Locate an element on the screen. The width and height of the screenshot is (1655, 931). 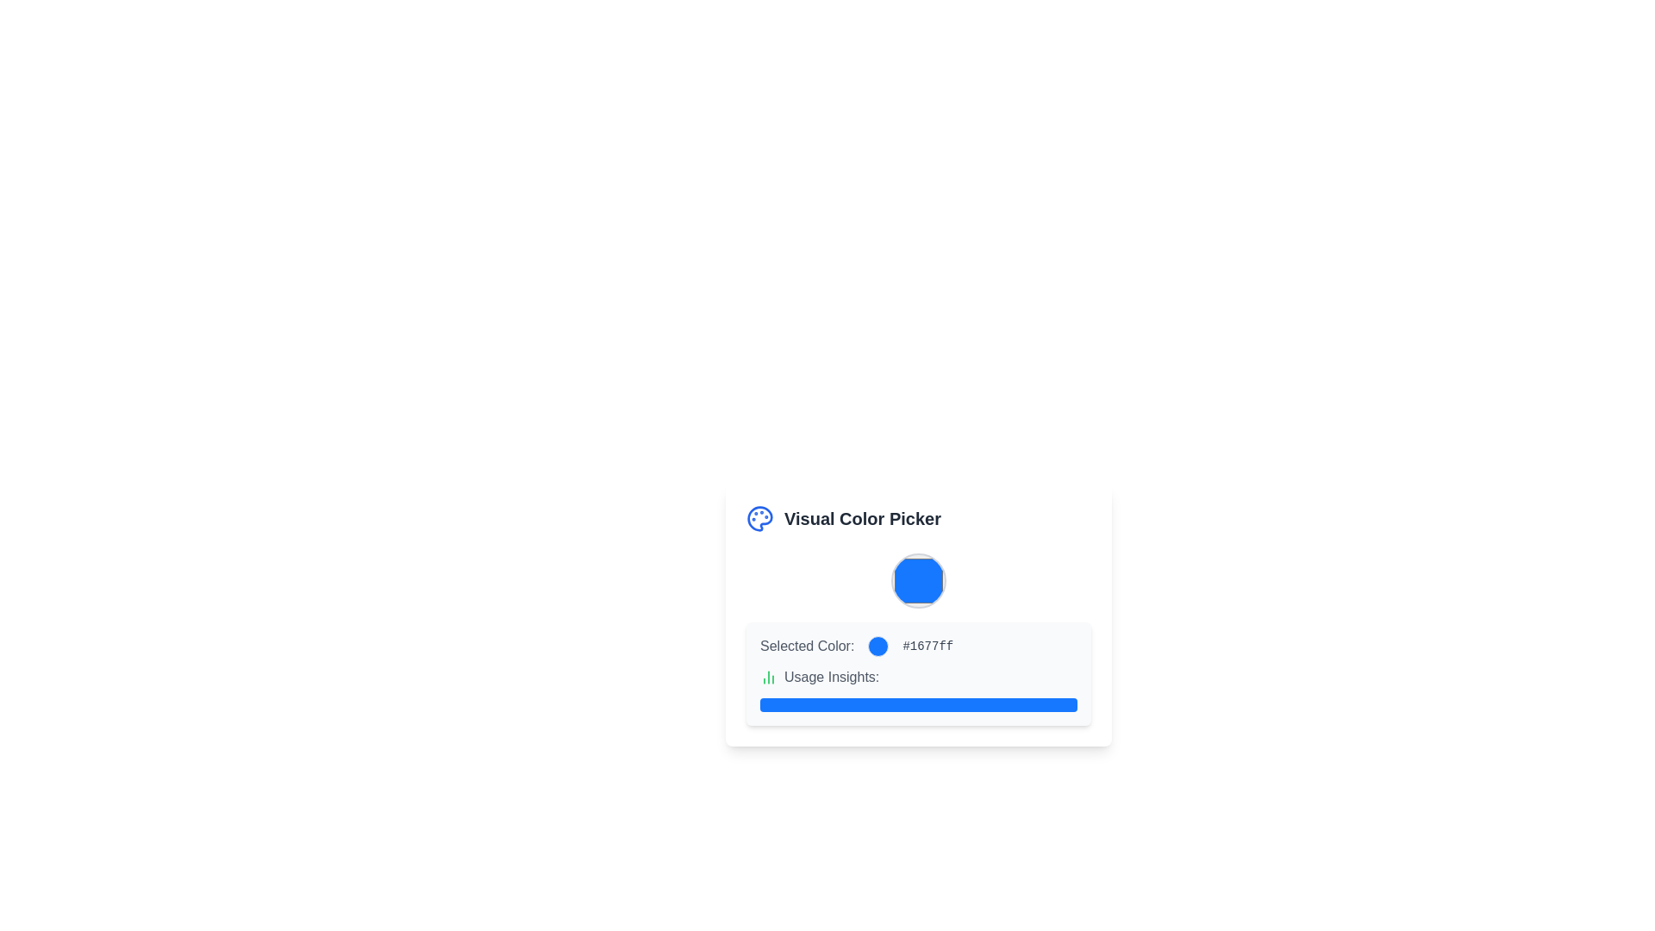
the graphical icon representing the 'Visual Color Picker' located in the top-left corner of the card-like section above the text 'Visual Color Picker' is located at coordinates (759, 517).